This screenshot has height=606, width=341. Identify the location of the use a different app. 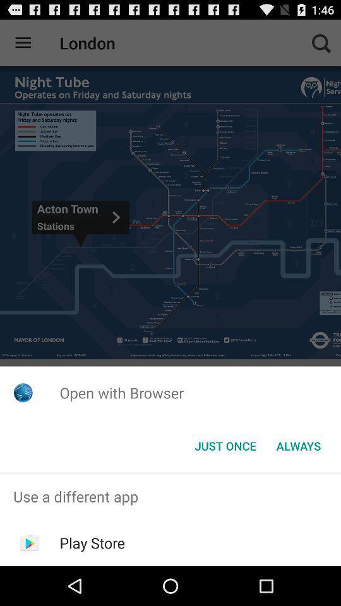
(170, 496).